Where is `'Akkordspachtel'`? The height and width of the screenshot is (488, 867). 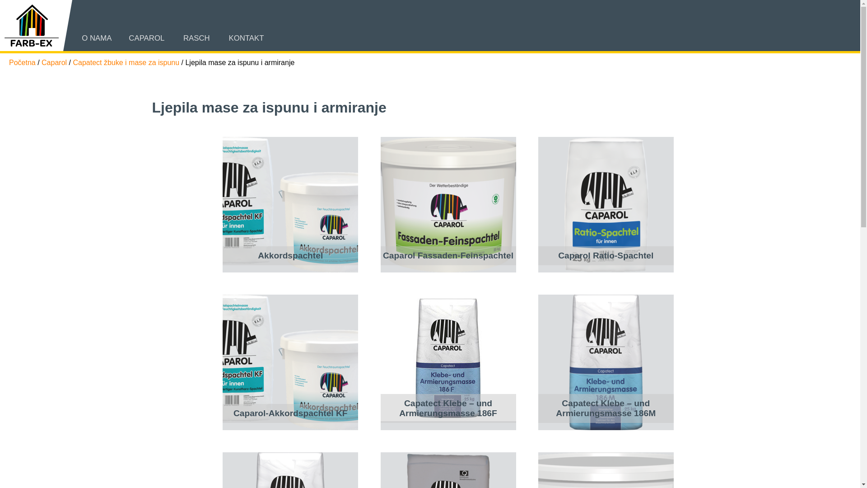
'Akkordspachtel' is located at coordinates (290, 204).